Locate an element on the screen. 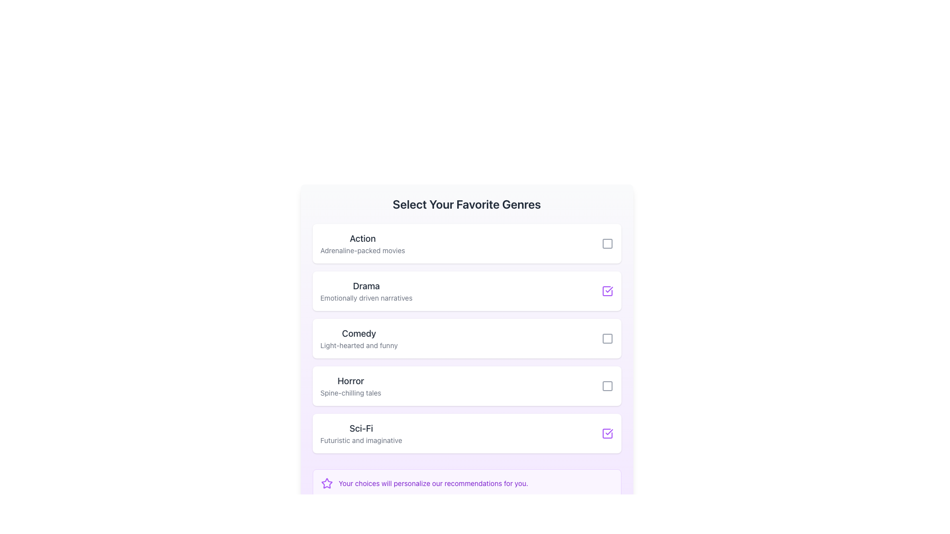 This screenshot has width=950, height=534. the checkbox for the genre selection option labeled 'Action' with the description 'Adrenaline-packed movies' is located at coordinates (466, 244).